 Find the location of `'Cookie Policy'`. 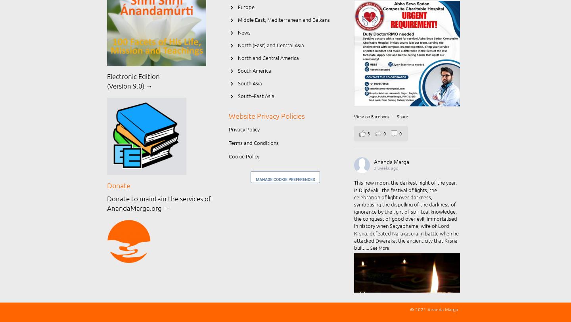

'Cookie Policy' is located at coordinates (243, 156).